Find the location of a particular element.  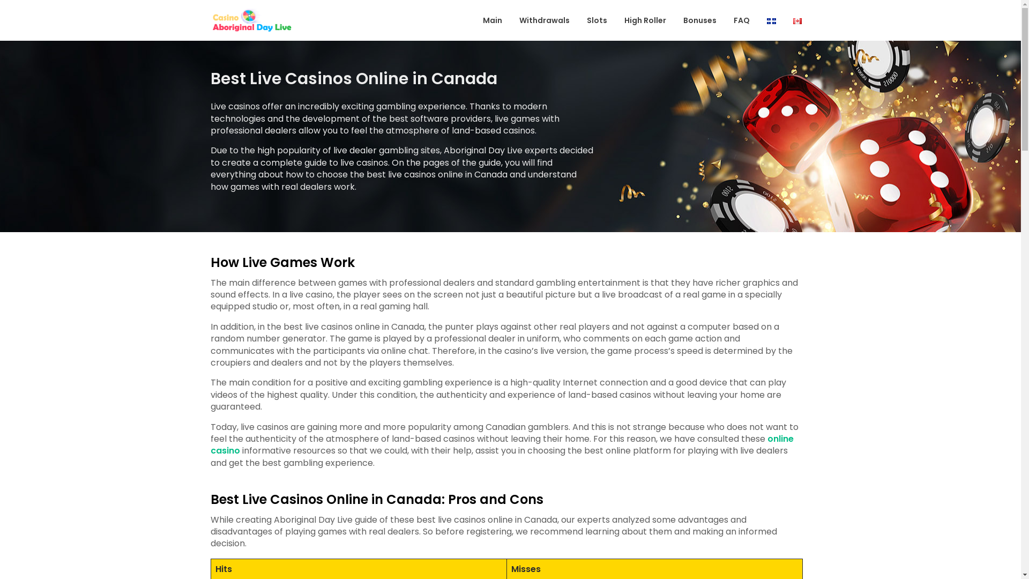

'Withdrawals' is located at coordinates (545, 20).